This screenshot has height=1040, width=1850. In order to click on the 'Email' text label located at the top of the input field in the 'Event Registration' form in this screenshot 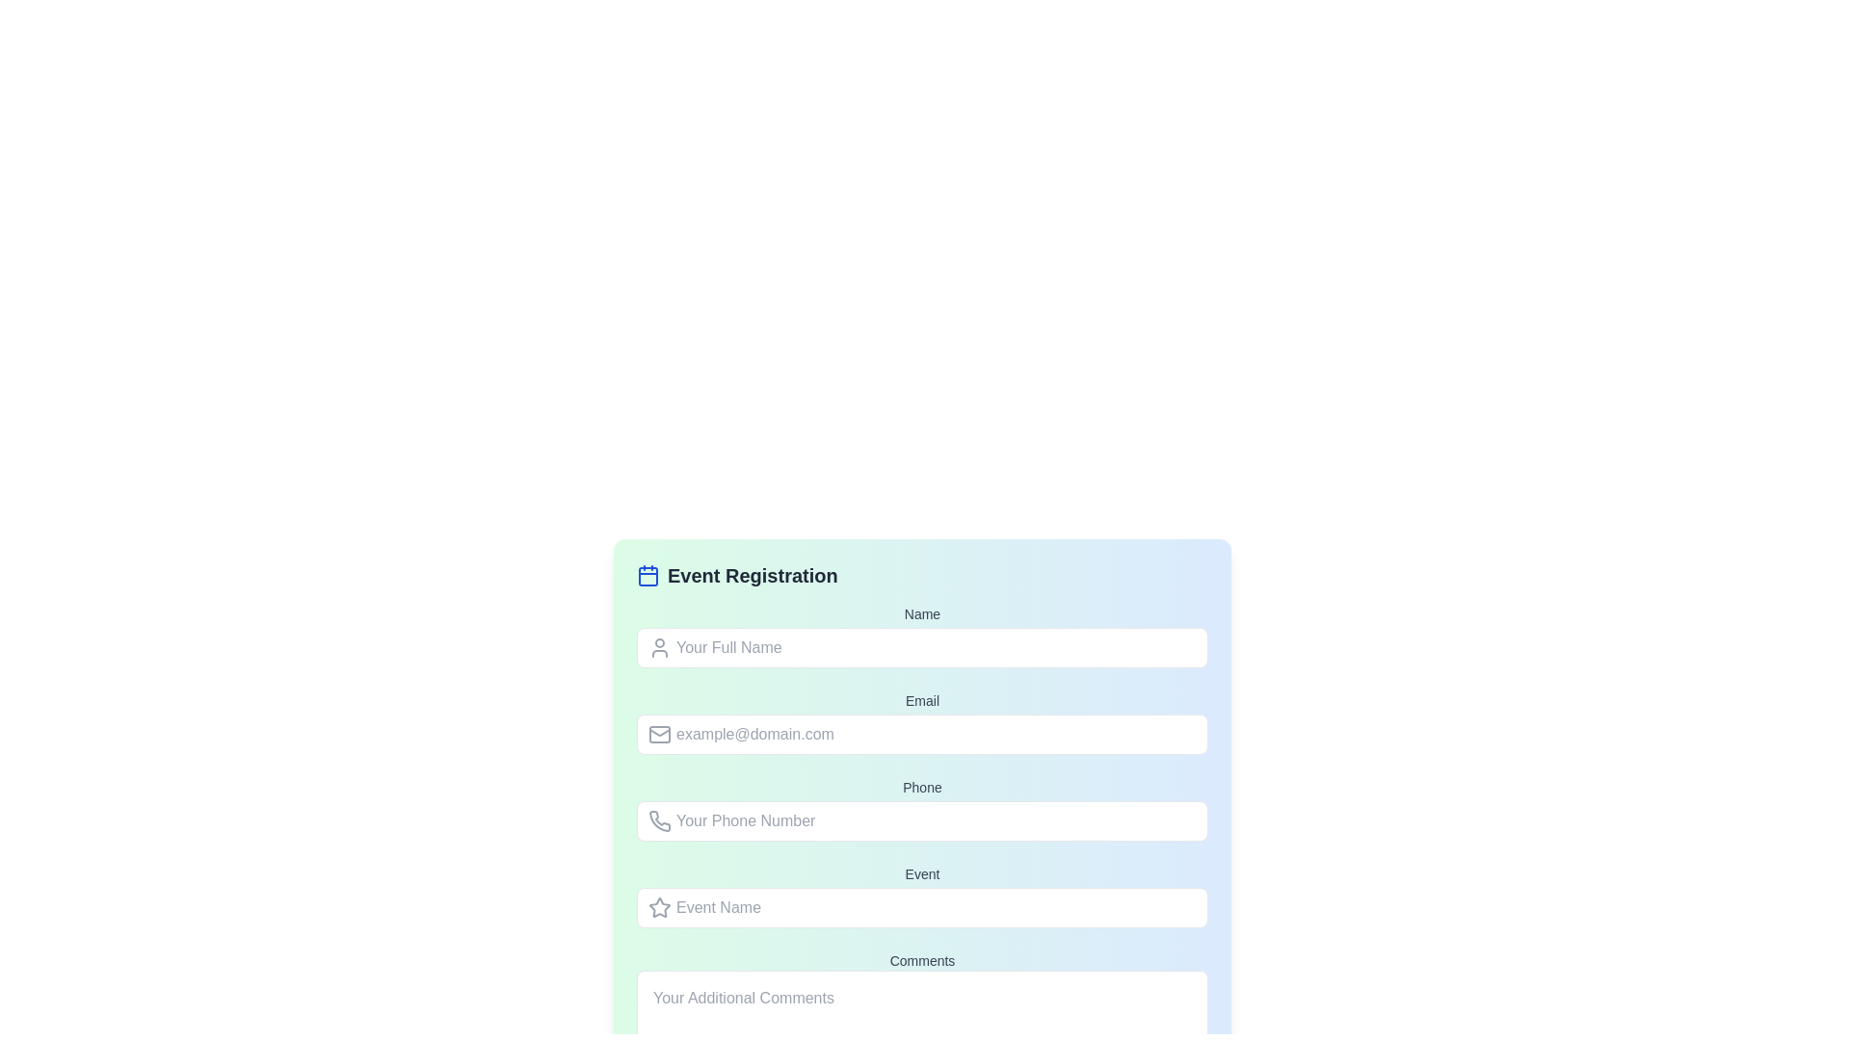, I will do `click(921, 701)`.